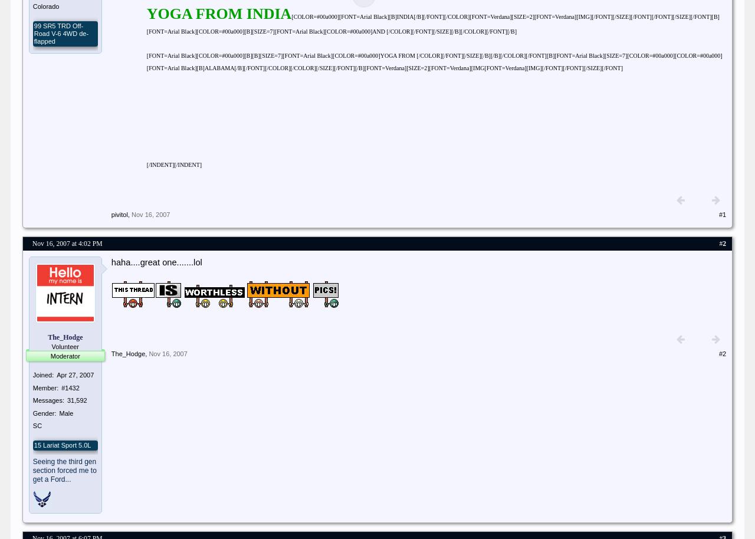 The height and width of the screenshot is (539, 755). What do you see at coordinates (721, 353) in the screenshot?
I see `'#2'` at bounding box center [721, 353].